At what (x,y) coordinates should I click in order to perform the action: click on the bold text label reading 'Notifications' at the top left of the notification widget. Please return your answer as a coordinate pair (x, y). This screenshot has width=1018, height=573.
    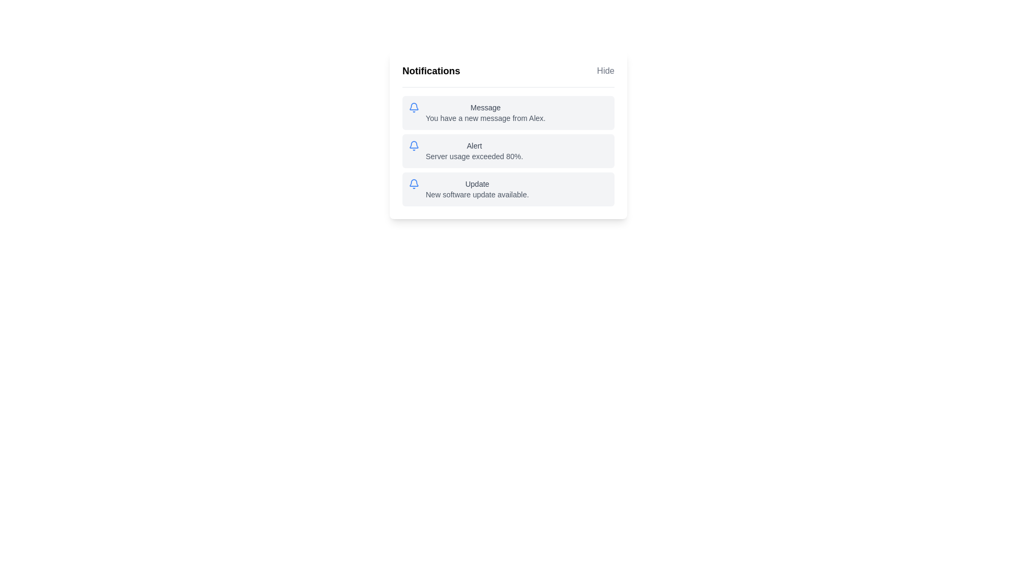
    Looking at the image, I should click on (431, 71).